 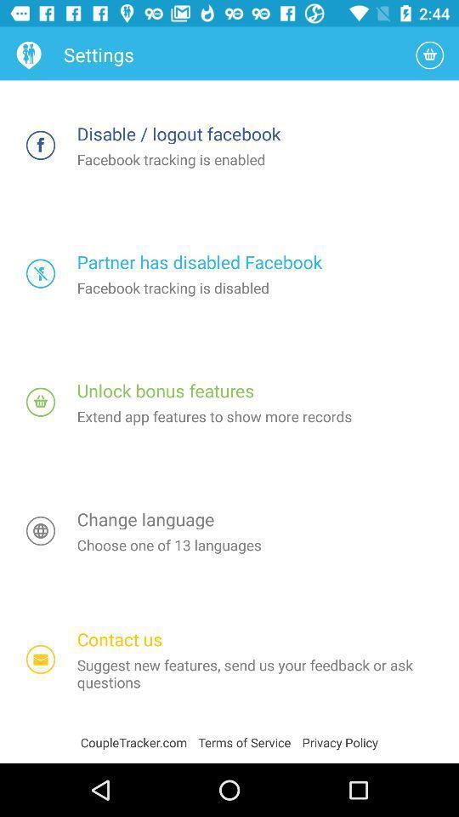 What do you see at coordinates (340, 741) in the screenshot?
I see `the item to the right of terms of service` at bounding box center [340, 741].